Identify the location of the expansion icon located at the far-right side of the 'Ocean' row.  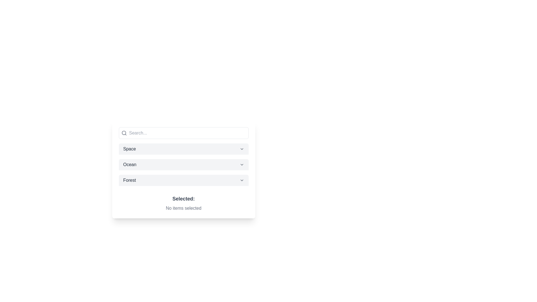
(242, 164).